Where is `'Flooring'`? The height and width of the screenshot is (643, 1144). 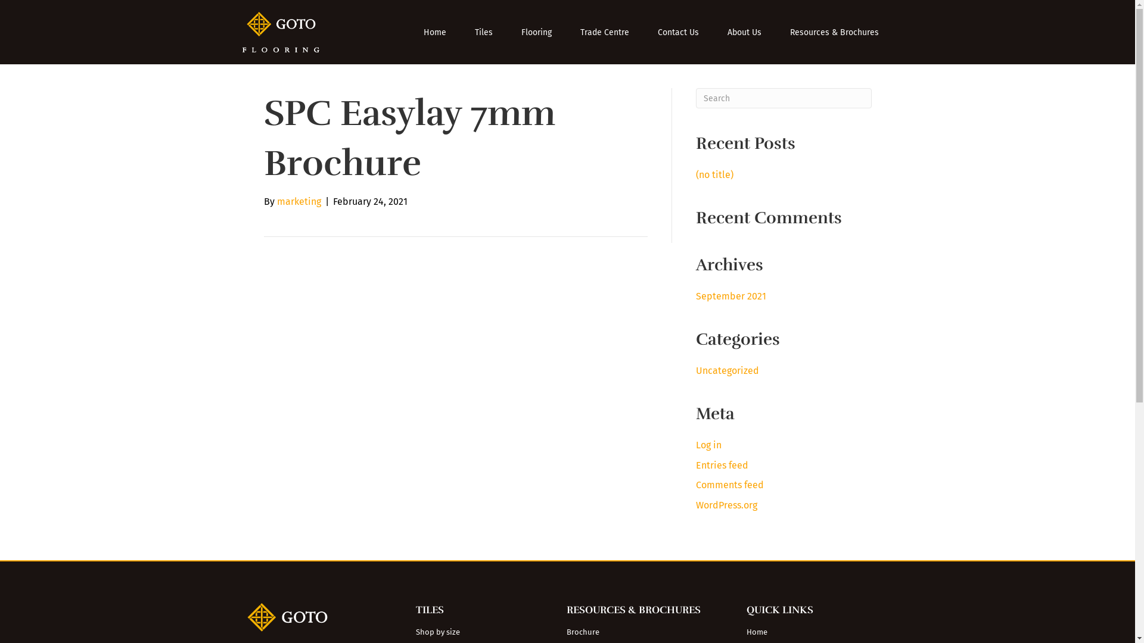 'Flooring' is located at coordinates (512, 32).